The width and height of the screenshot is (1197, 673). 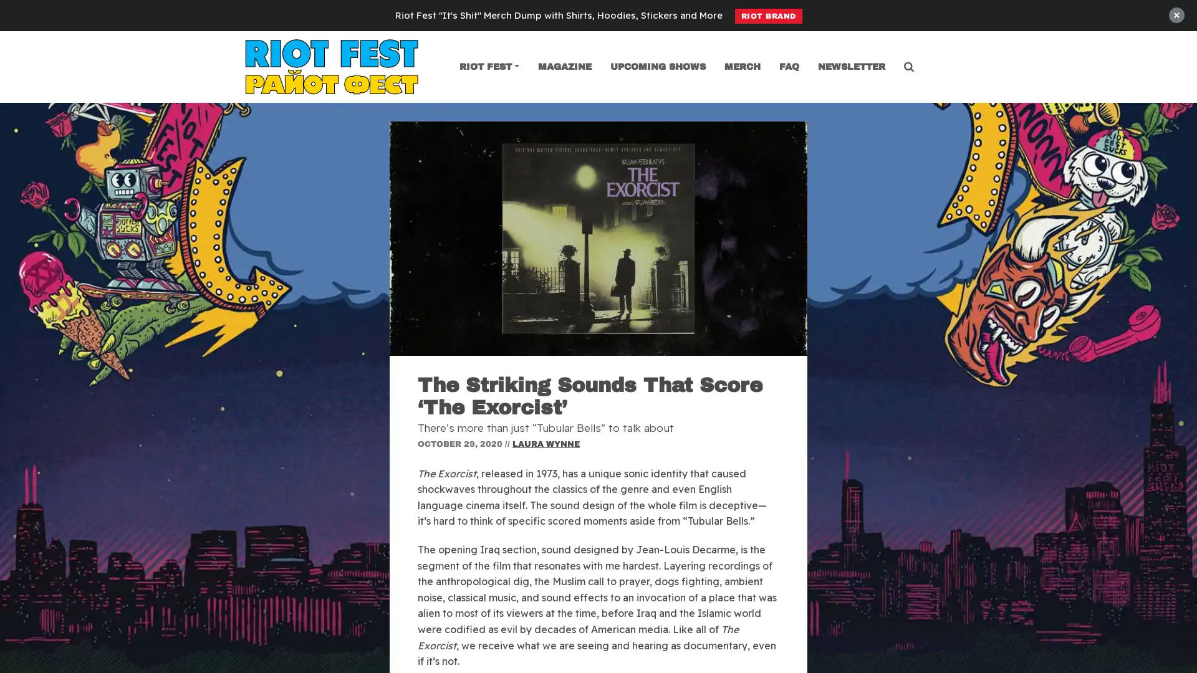 What do you see at coordinates (1158, 57) in the screenshot?
I see `CLOSE` at bounding box center [1158, 57].